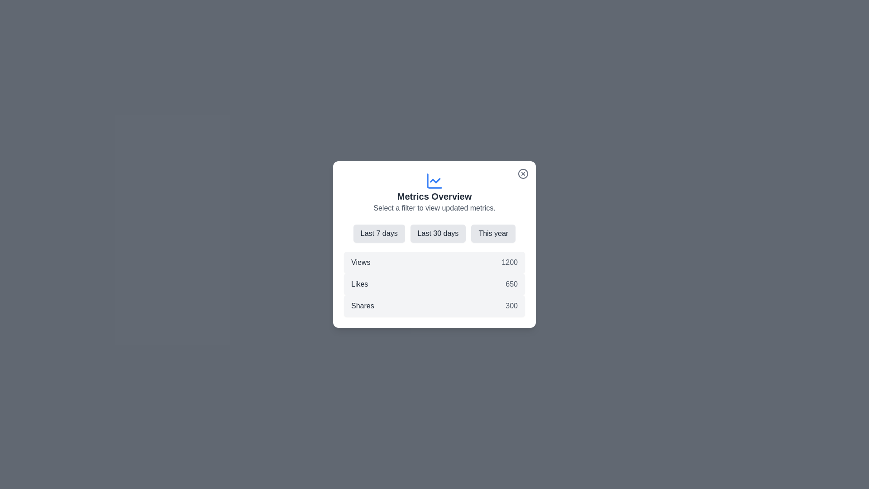 The width and height of the screenshot is (869, 489). Describe the element at coordinates (523, 174) in the screenshot. I see `the close button to close the dialog` at that location.